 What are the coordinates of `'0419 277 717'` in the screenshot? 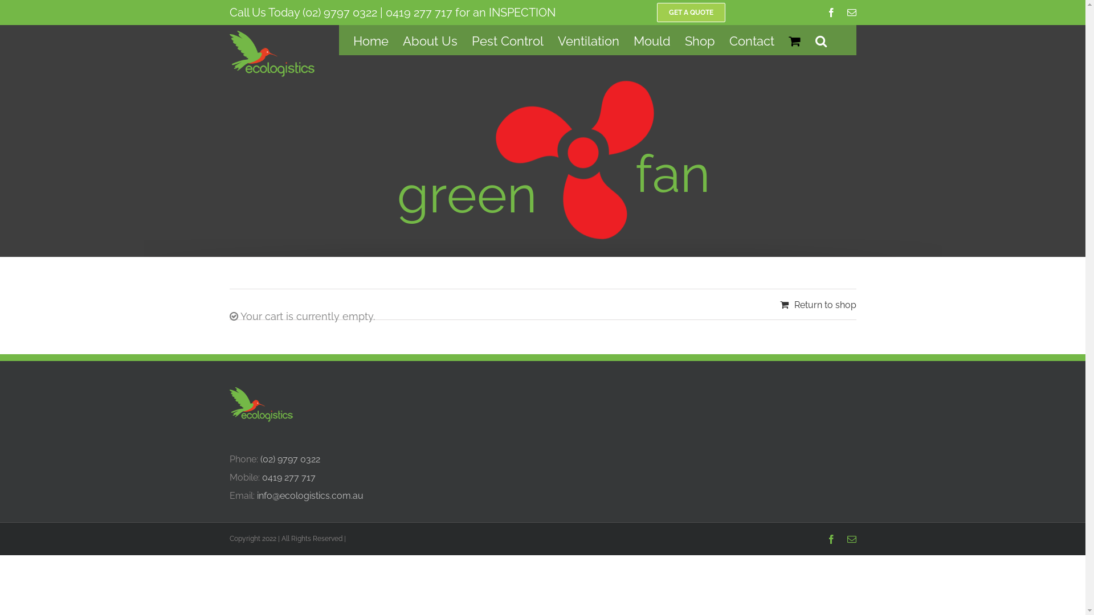 It's located at (289, 477).